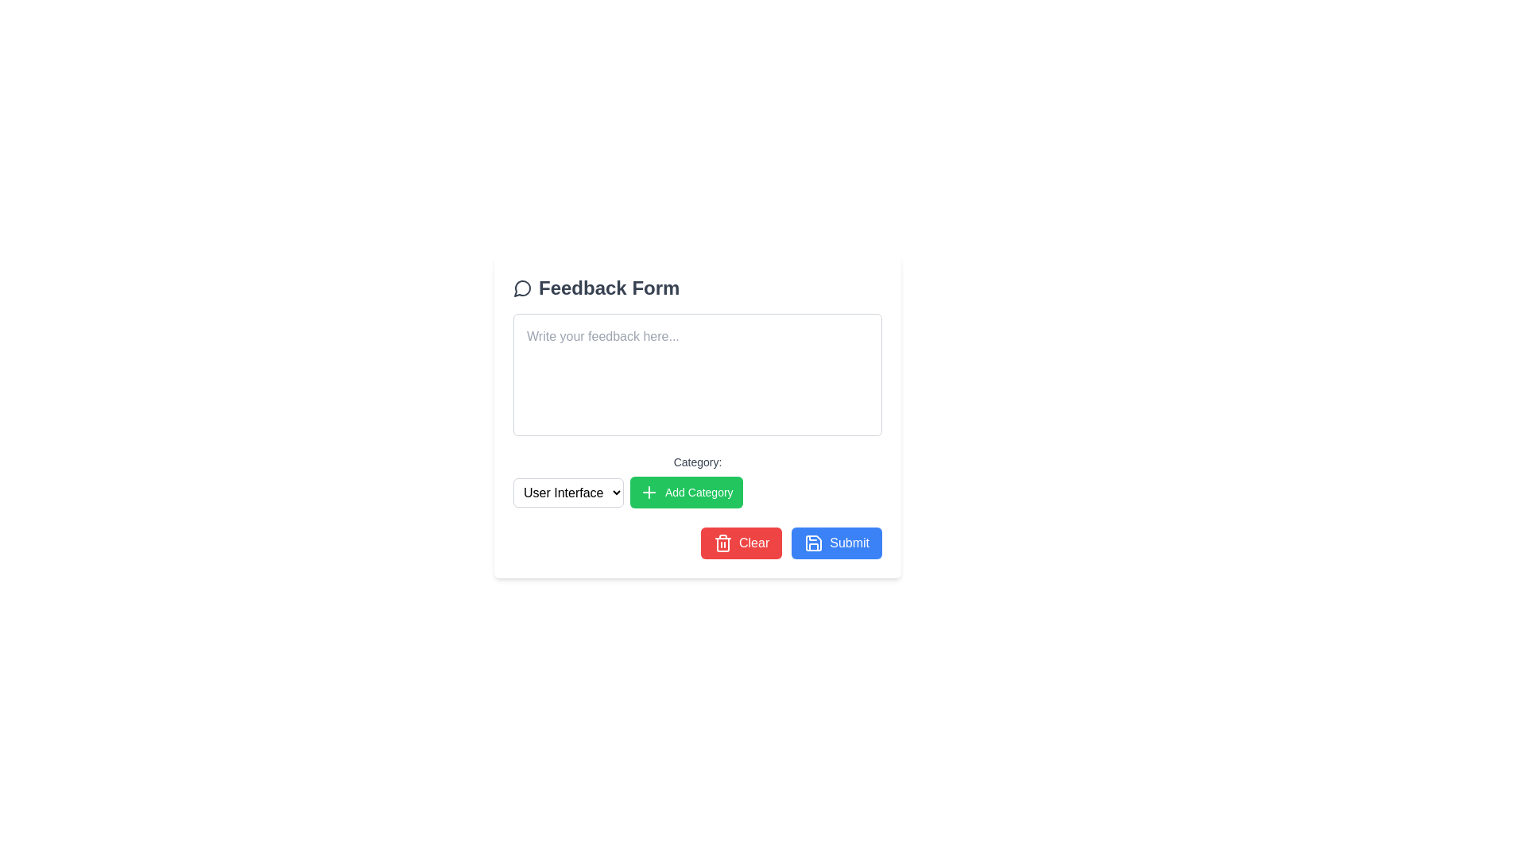  What do you see at coordinates (522, 288) in the screenshot?
I see `the Decorative icon representing a speech bubble, which is located directly to the left of the 'Feedback Form' text in the heading section` at bounding box center [522, 288].